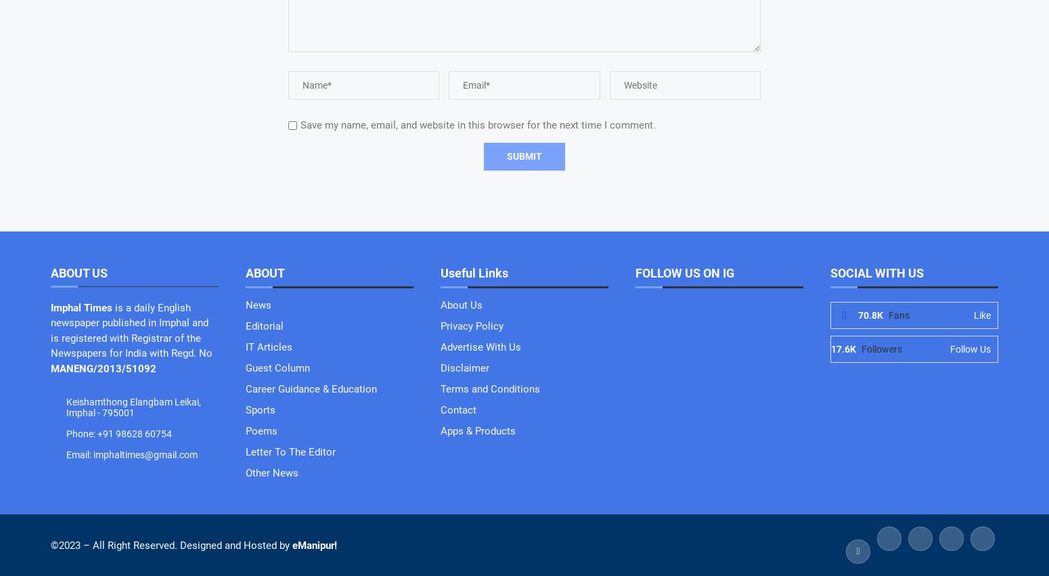 Image resolution: width=1049 pixels, height=576 pixels. I want to click on 'Other News', so click(272, 471).